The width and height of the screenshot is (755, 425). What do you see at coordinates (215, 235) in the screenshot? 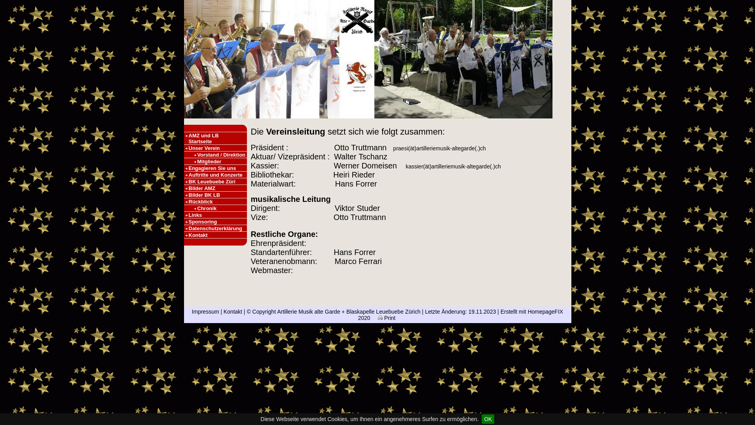
I see `'Kontakt'` at bounding box center [215, 235].